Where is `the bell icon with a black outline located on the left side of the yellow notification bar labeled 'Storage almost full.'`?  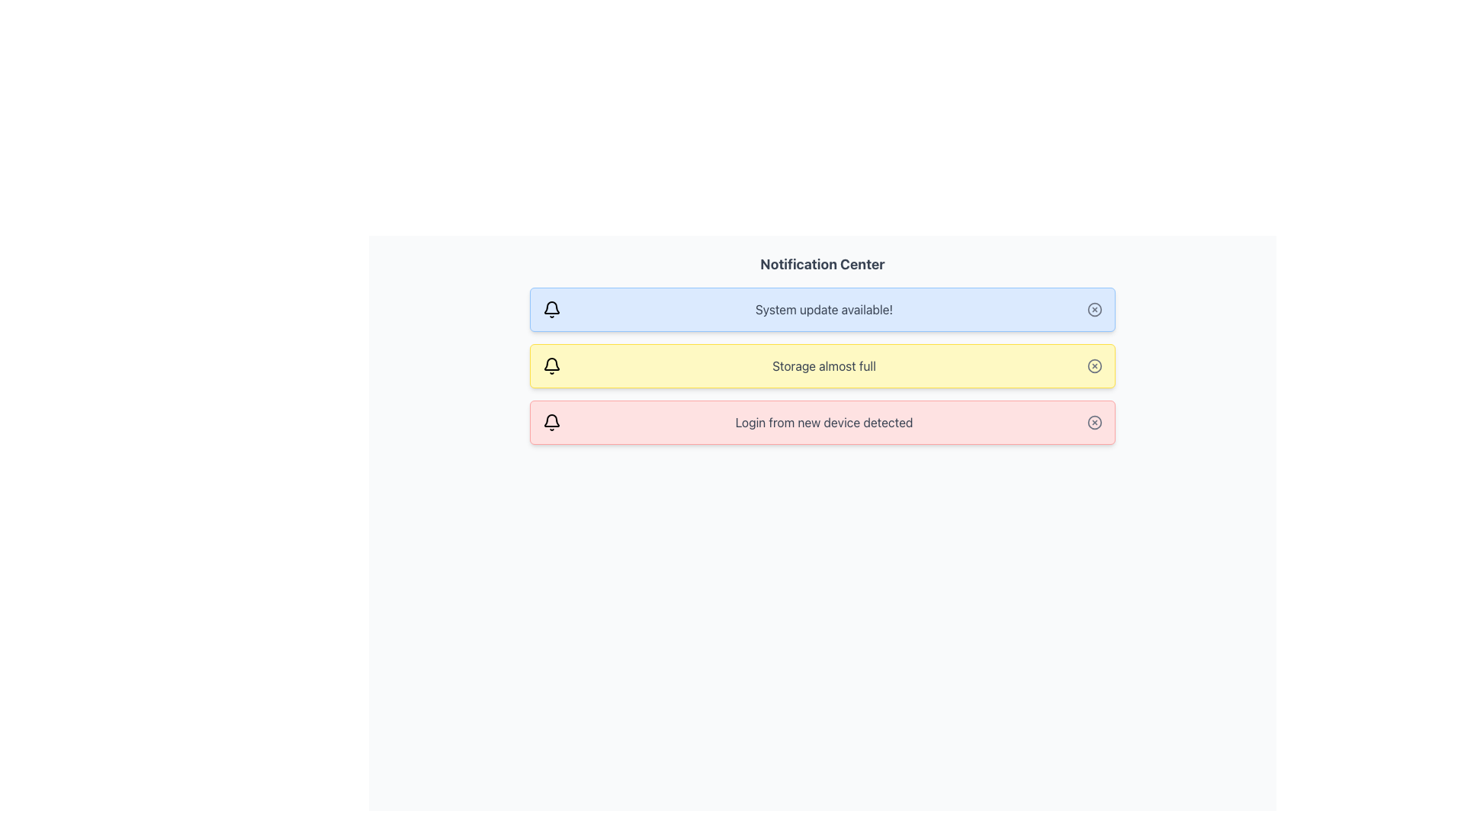 the bell icon with a black outline located on the left side of the yellow notification bar labeled 'Storage almost full.' is located at coordinates (551, 365).